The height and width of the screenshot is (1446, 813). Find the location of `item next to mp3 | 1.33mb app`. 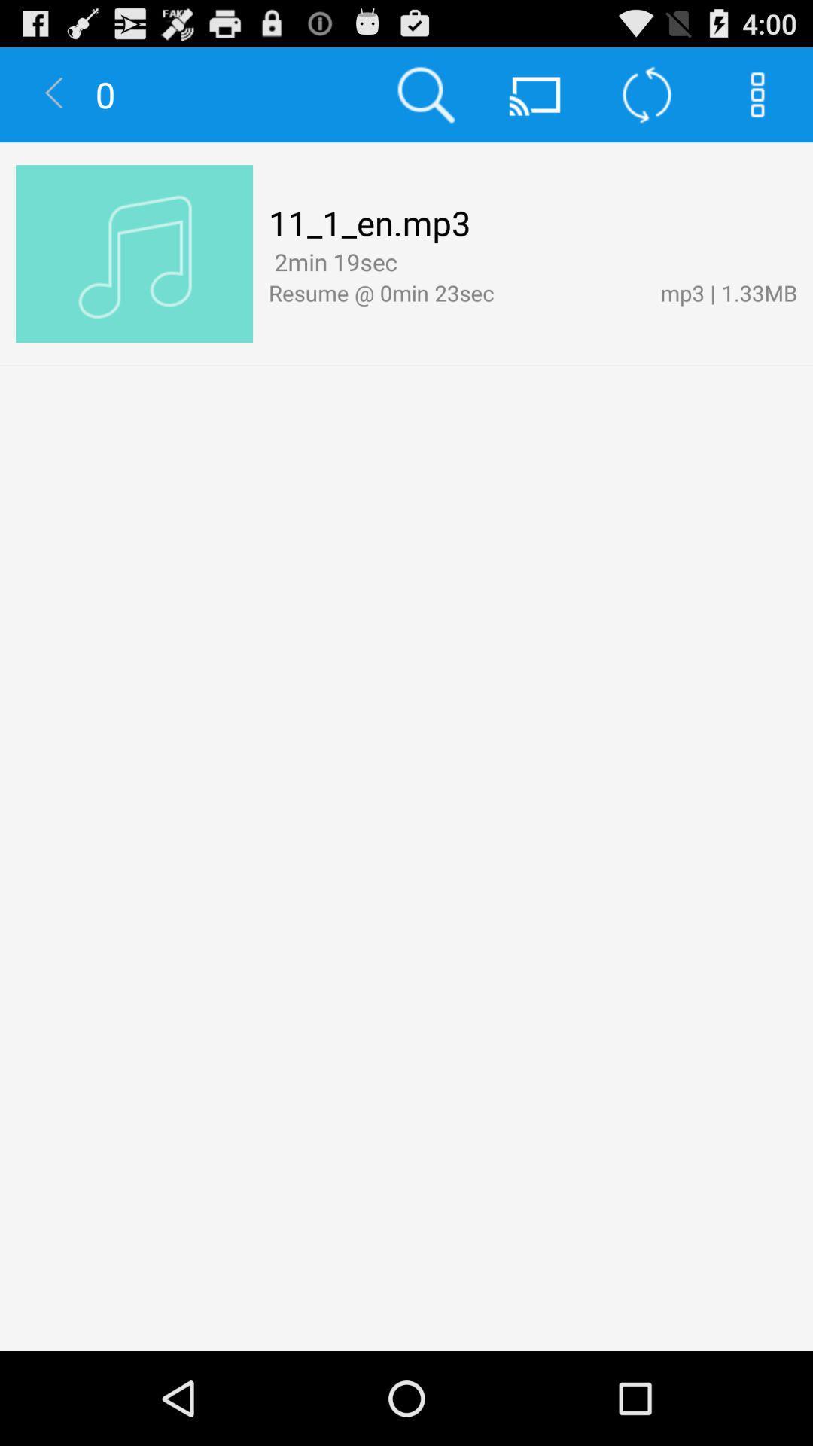

item next to mp3 | 1.33mb app is located at coordinates (409, 264).